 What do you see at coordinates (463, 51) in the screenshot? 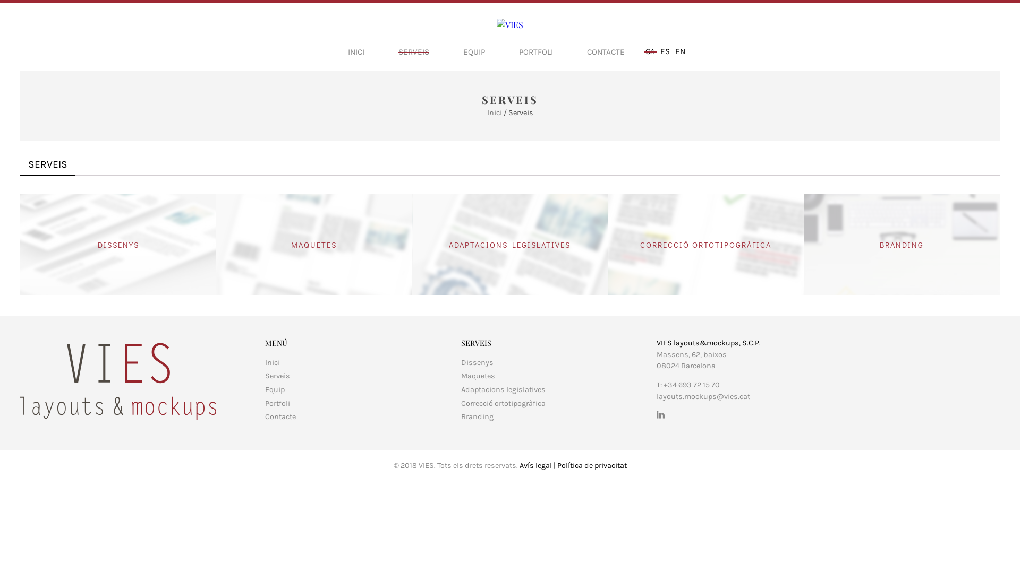
I see `'EQUIP'` at bounding box center [463, 51].